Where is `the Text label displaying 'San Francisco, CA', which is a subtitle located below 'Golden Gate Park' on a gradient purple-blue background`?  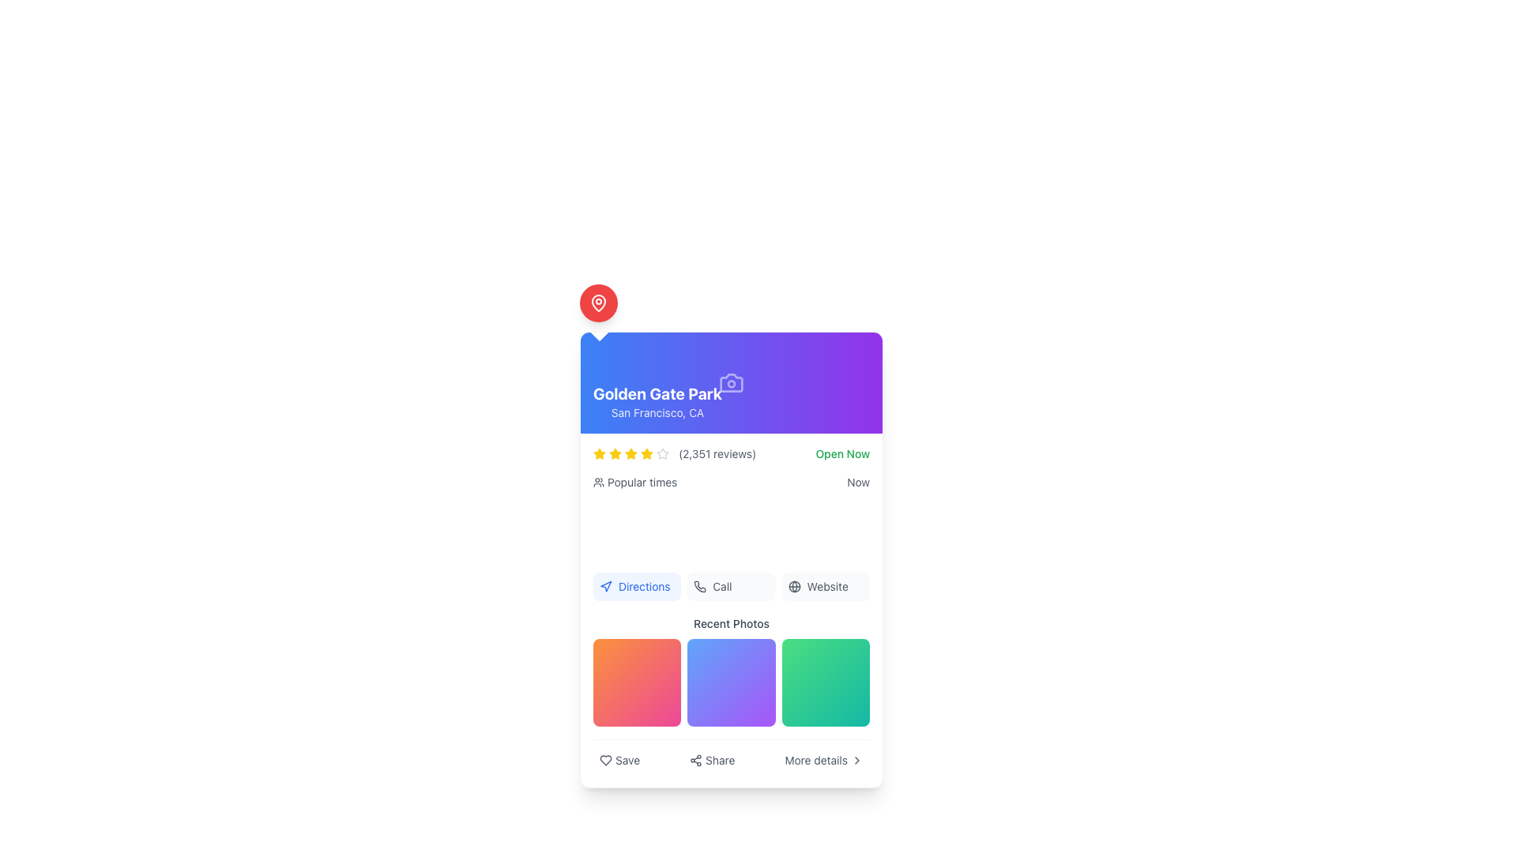 the Text label displaying 'San Francisco, CA', which is a subtitle located below 'Golden Gate Park' on a gradient purple-blue background is located at coordinates (657, 412).